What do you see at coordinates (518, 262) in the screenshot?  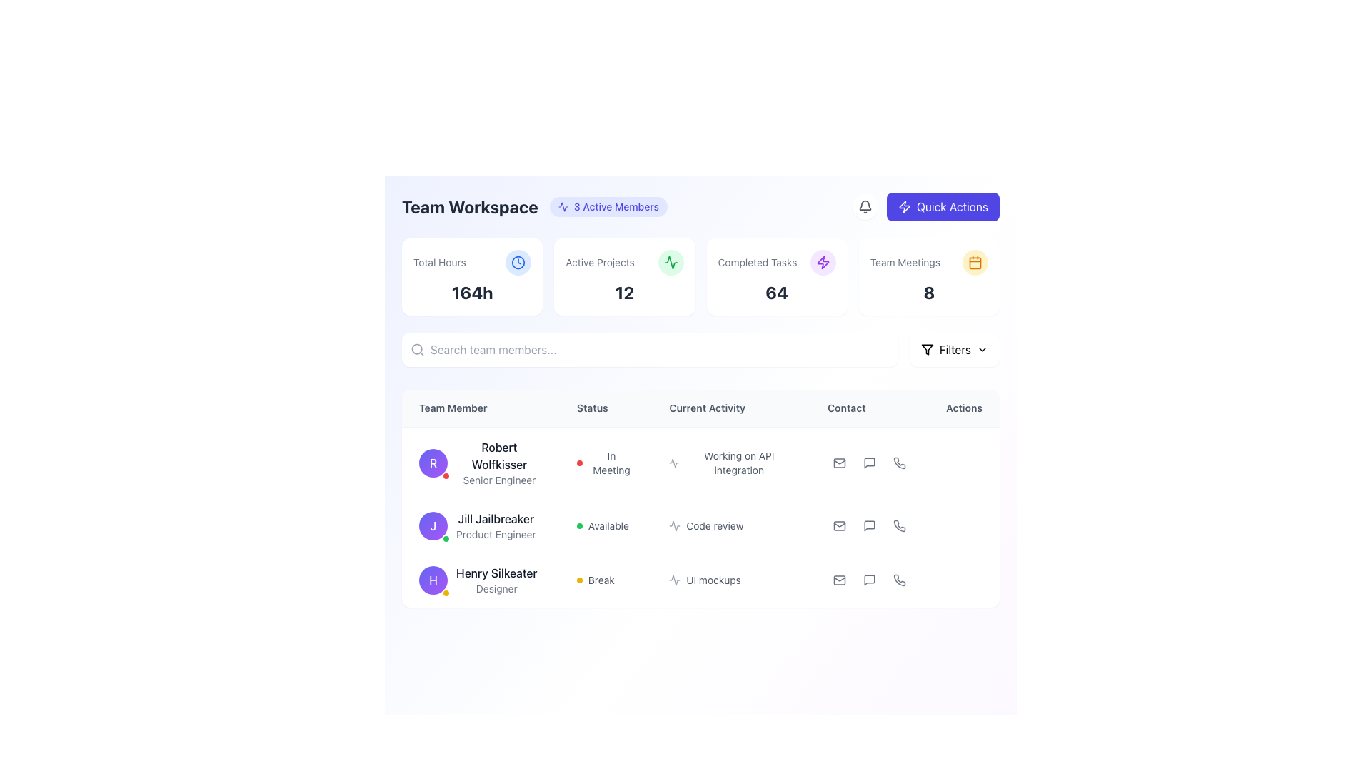 I see `the blue minimalist clock icon located in the 'Total Hours' summary card, positioned to the immediate right of the text, within the highlighted metrics section` at bounding box center [518, 262].